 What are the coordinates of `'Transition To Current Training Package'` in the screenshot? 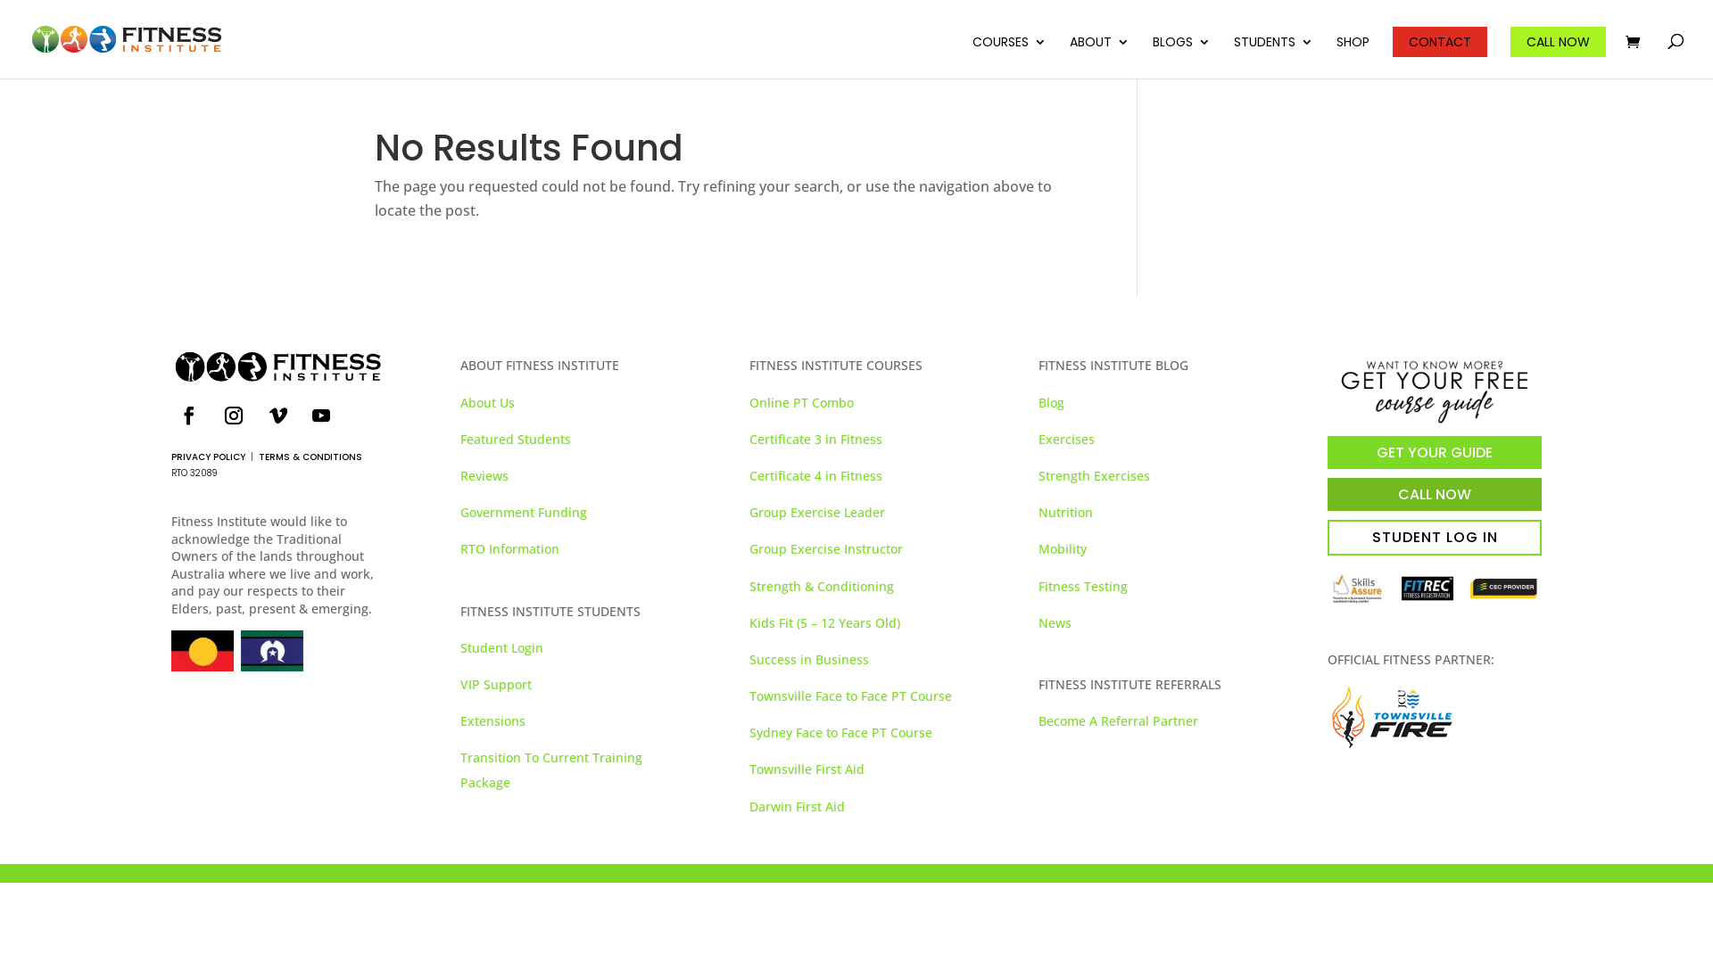 It's located at (550, 769).